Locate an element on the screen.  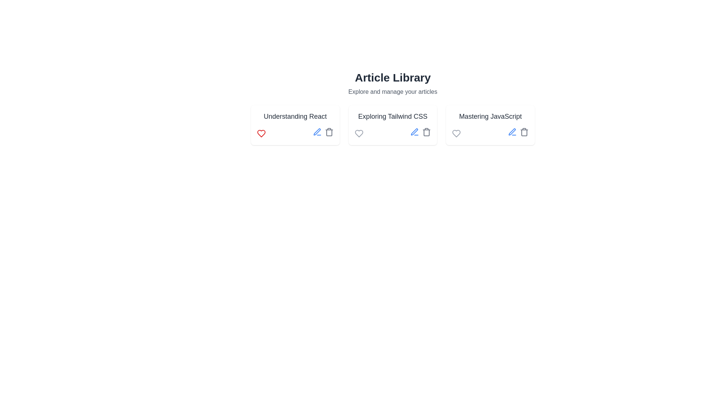
static text displaying the title 'Understanding React', which is styled with a large, medium-weight font and dark gray color, located at the top of a white card with rounded corners is located at coordinates (295, 116).